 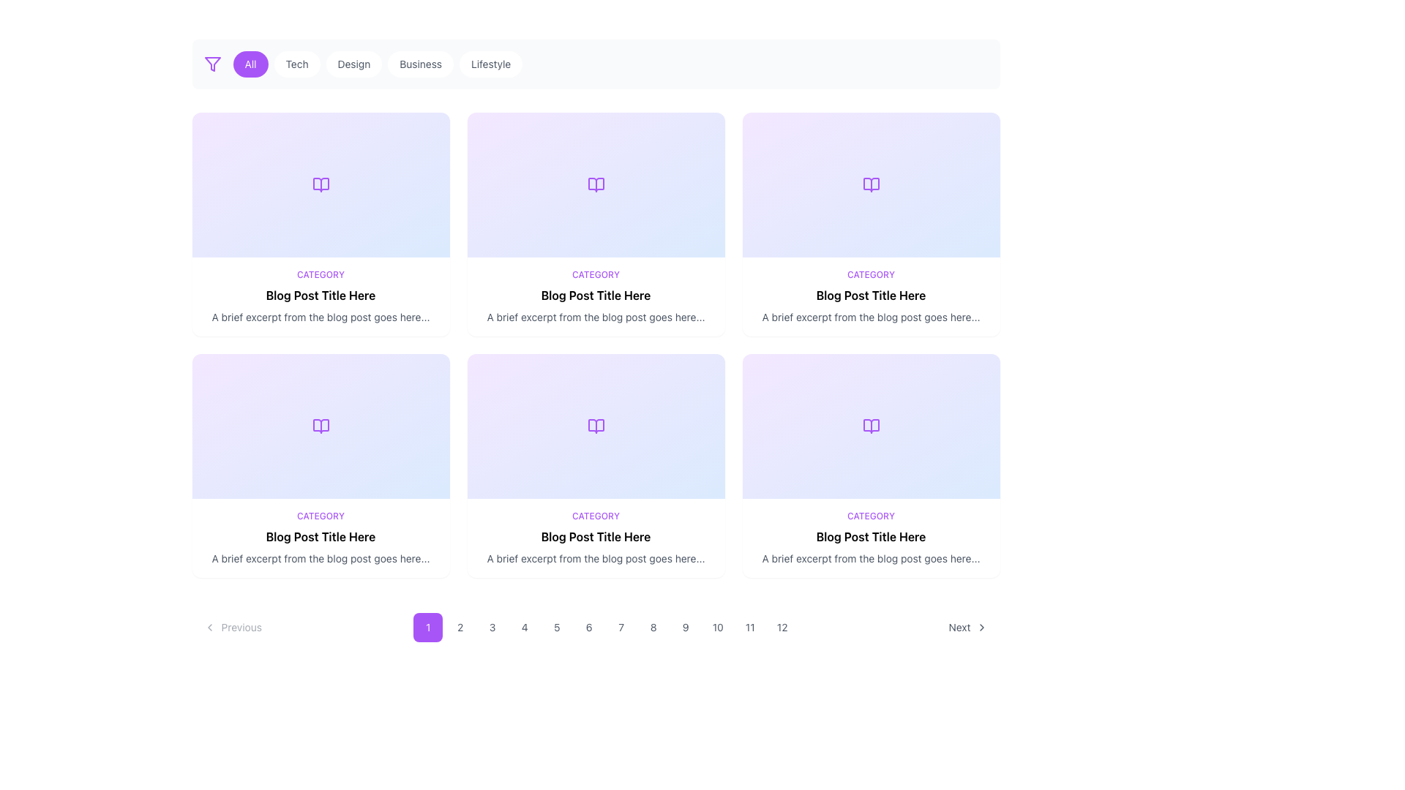 What do you see at coordinates (596, 465) in the screenshot?
I see `the fourth Preview Card in the second row of the grid layout to trigger potential hover effects` at bounding box center [596, 465].